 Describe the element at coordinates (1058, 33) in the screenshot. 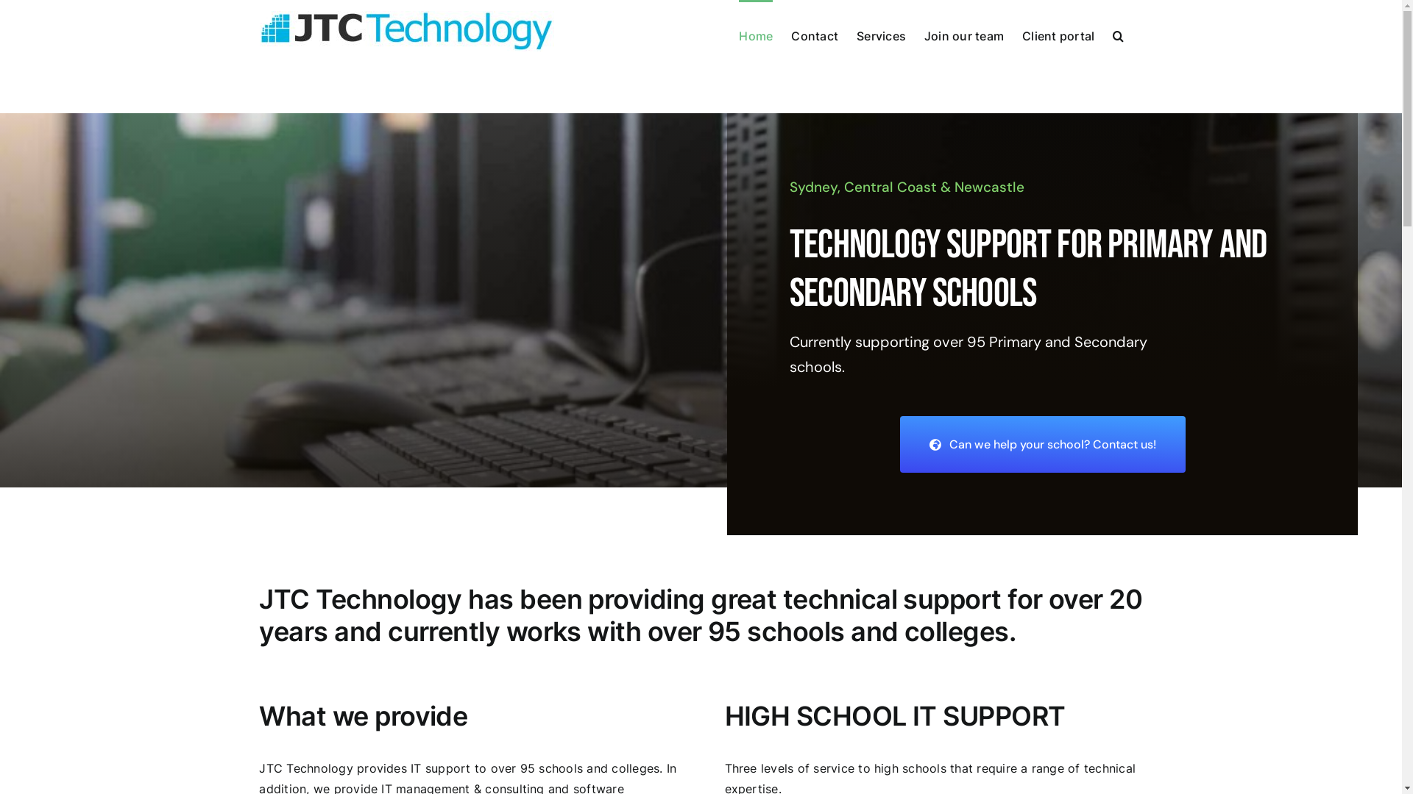

I see `'Client portal'` at that location.